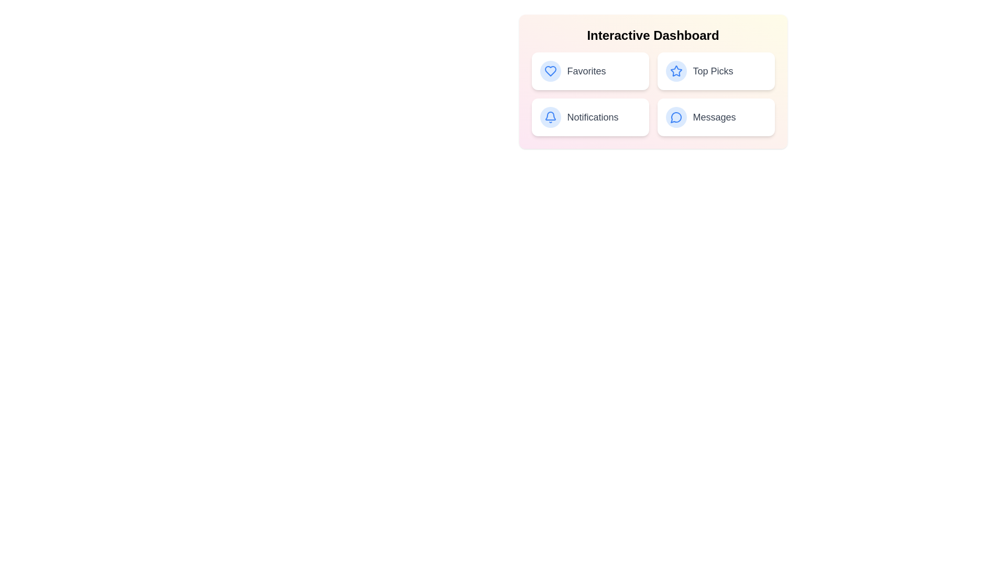  What do you see at coordinates (715, 117) in the screenshot?
I see `the 'Messages' button to view messages` at bounding box center [715, 117].